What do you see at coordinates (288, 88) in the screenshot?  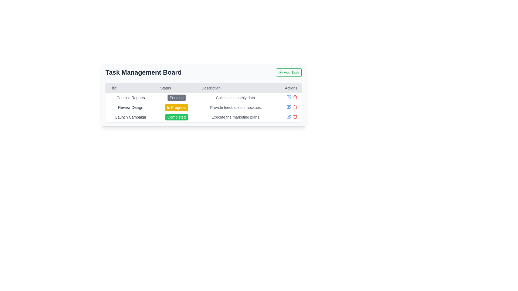 I see `the Text Label in the header row of the Task Management Board that indicates actions related to the row's content, located in the rightmost cell` at bounding box center [288, 88].